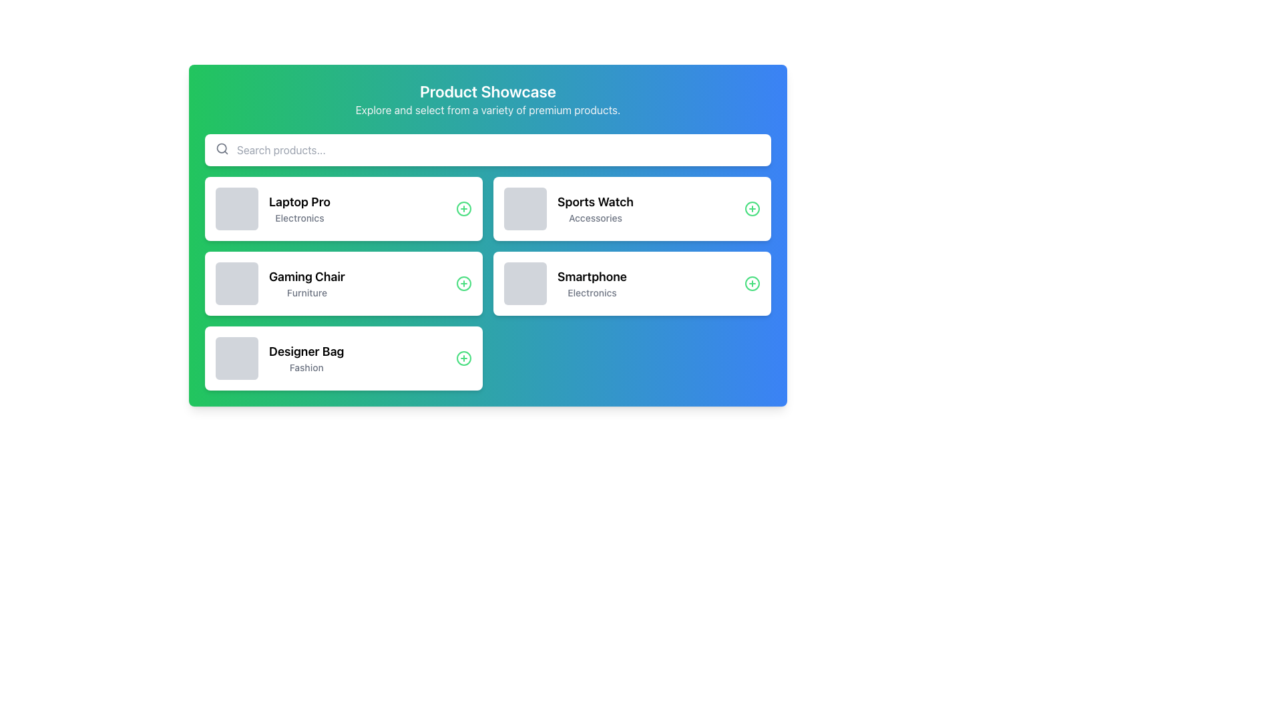 This screenshot has height=721, width=1282. What do you see at coordinates (487, 282) in the screenshot?
I see `the plus icon on one of the interactive cards in the grid layout, which contains product representations and is centrally located below the header and search bar` at bounding box center [487, 282].